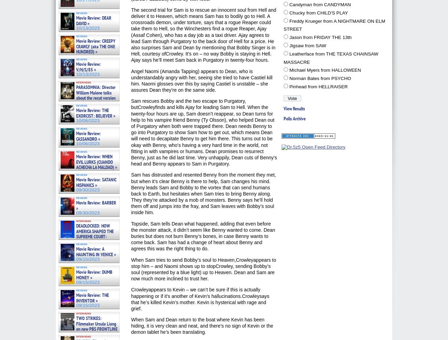  What do you see at coordinates (94, 274) in the screenshot?
I see `'Movie Review: DUMB MONEY »'` at bounding box center [94, 274].